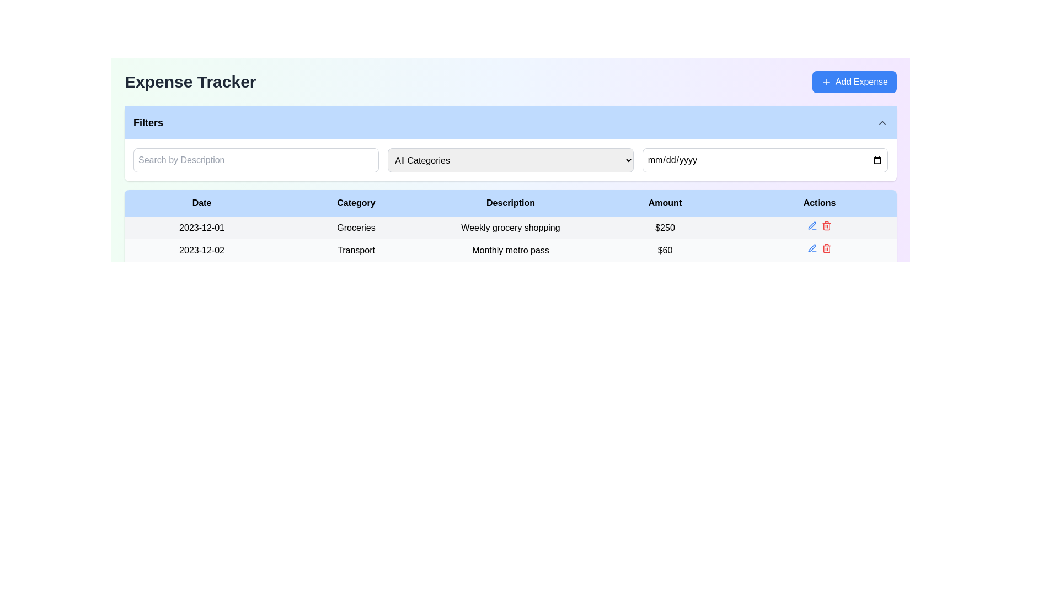 The width and height of the screenshot is (1059, 595). I want to click on the 'Date' column header text label, which is the first element in a series of five elements in the upper section of the table, so click(201, 203).